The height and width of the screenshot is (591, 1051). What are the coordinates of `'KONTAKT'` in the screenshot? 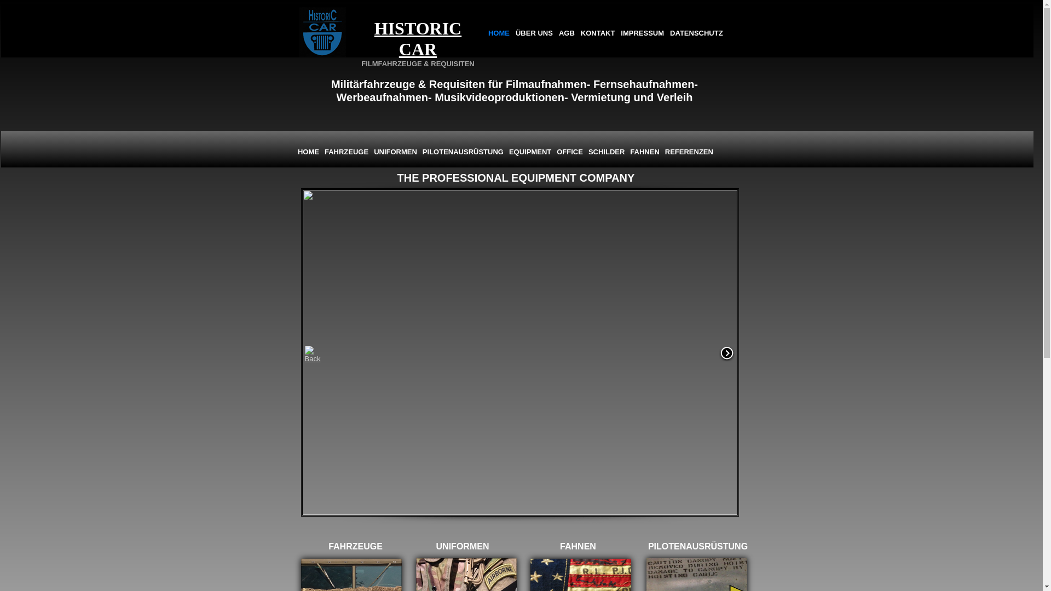 It's located at (597, 33).